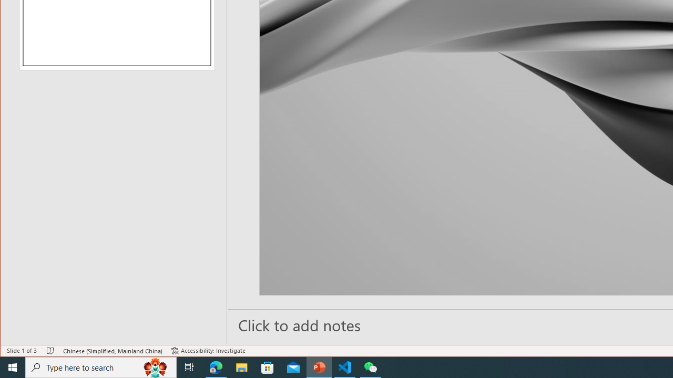 The width and height of the screenshot is (673, 378). I want to click on 'Type here to search', so click(101, 366).